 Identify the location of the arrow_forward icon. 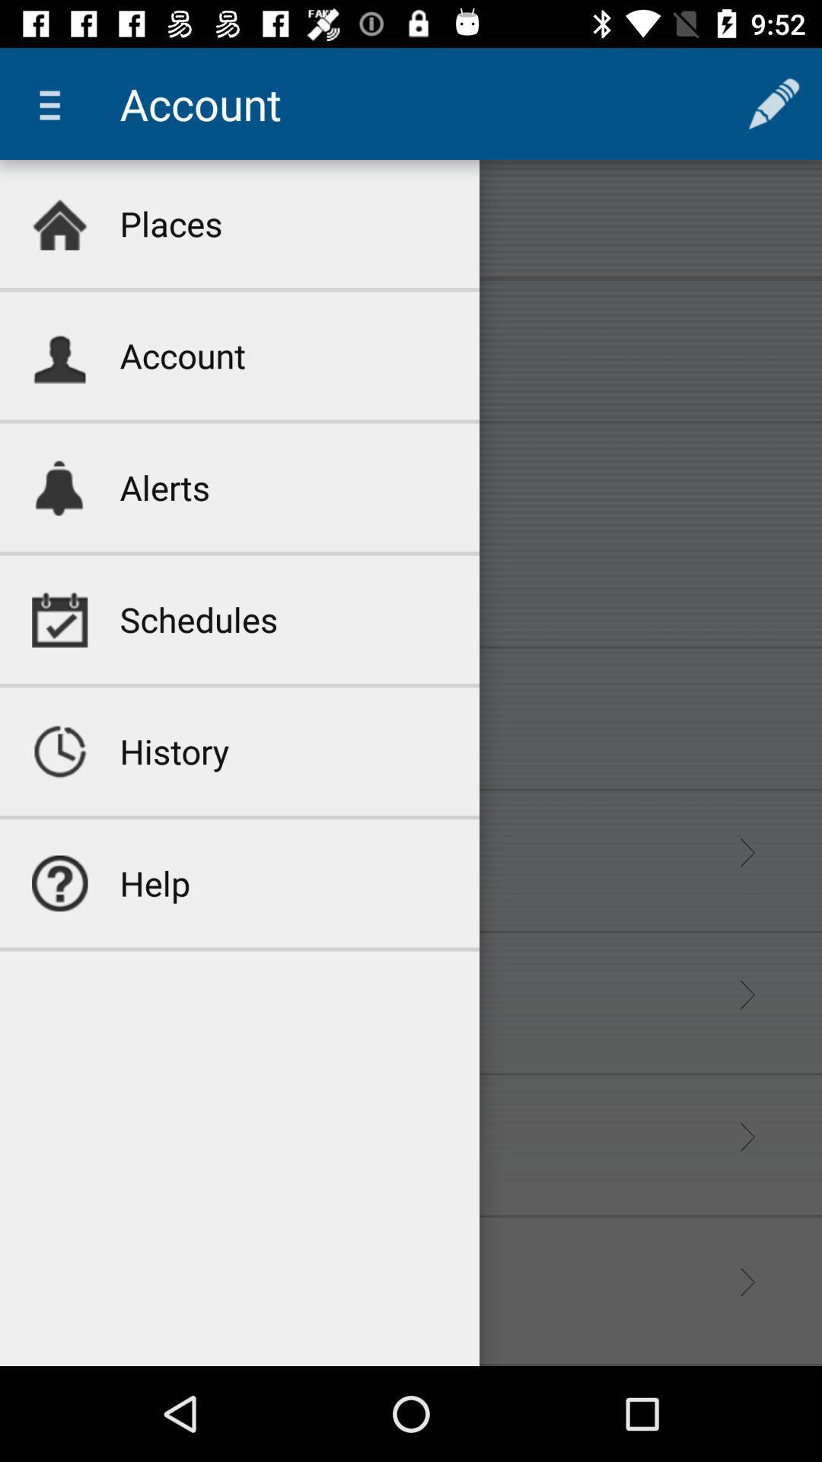
(747, 853).